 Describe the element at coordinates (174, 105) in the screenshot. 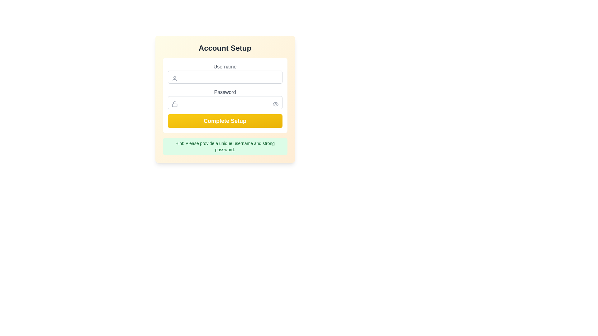

I see `the small red rectangular icon component of the lock icon graphic, which is located to the left of the Password input field under the Account Setup heading` at that location.